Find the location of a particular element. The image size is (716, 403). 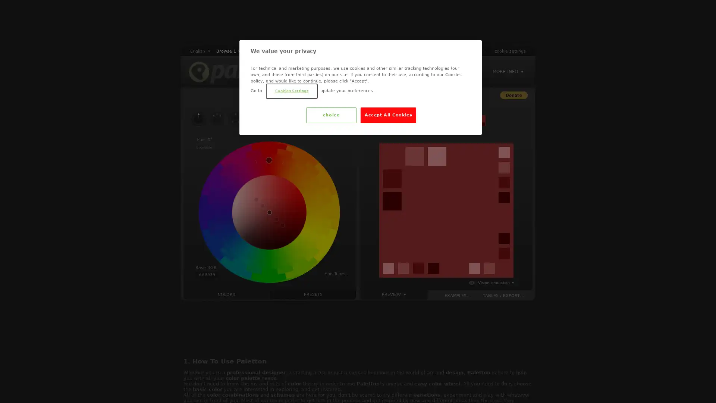

Fine Tune... is located at coordinates (336, 273).